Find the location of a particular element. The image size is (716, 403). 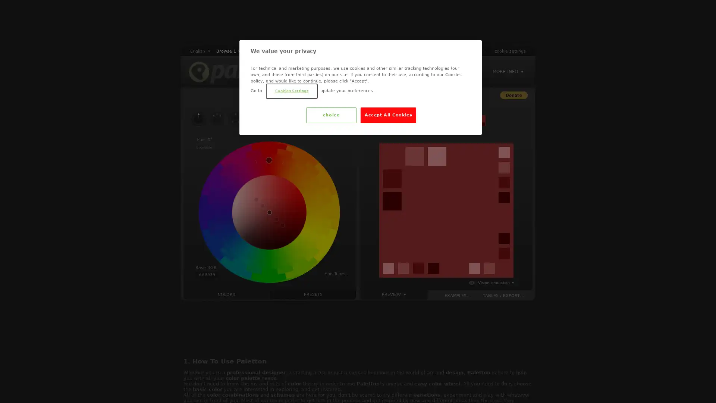

Fine Tune... is located at coordinates (336, 273).